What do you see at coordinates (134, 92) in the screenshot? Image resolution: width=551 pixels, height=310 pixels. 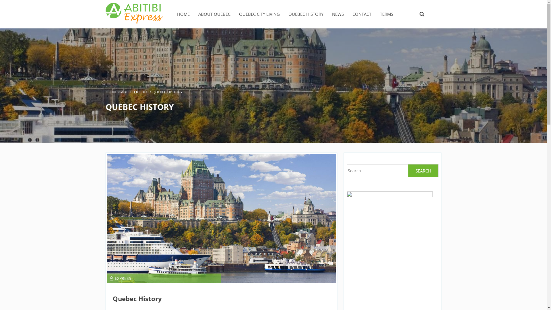 I see `'ABOUT QUEBEC'` at bounding box center [134, 92].